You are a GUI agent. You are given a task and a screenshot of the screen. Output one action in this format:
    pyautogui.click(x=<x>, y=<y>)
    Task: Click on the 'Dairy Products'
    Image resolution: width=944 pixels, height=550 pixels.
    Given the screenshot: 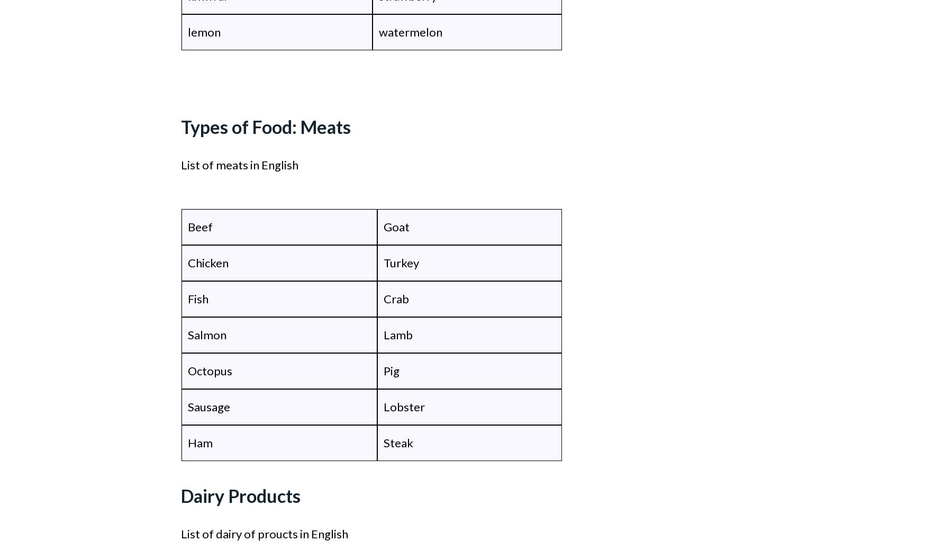 What is the action you would take?
    pyautogui.click(x=240, y=495)
    